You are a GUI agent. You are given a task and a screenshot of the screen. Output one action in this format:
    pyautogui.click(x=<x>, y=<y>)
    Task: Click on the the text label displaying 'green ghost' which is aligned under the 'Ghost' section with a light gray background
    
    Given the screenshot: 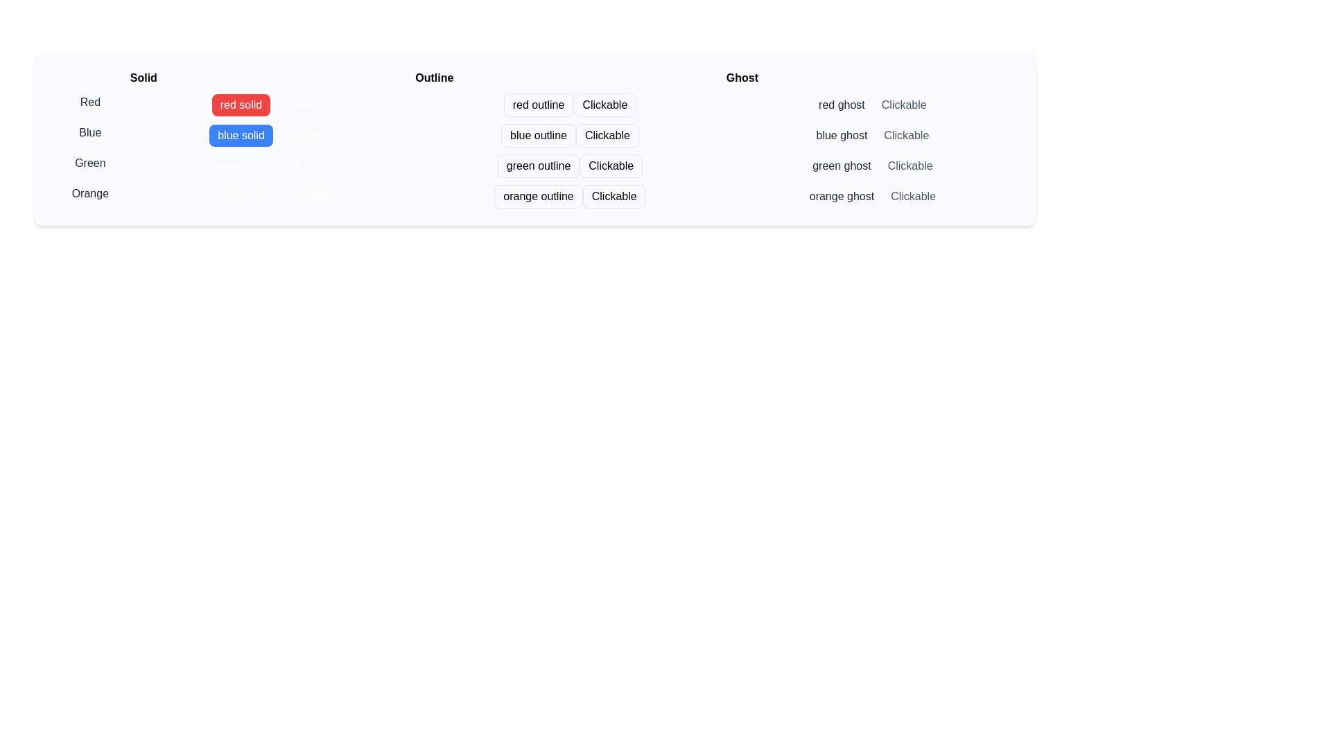 What is the action you would take?
    pyautogui.click(x=841, y=165)
    